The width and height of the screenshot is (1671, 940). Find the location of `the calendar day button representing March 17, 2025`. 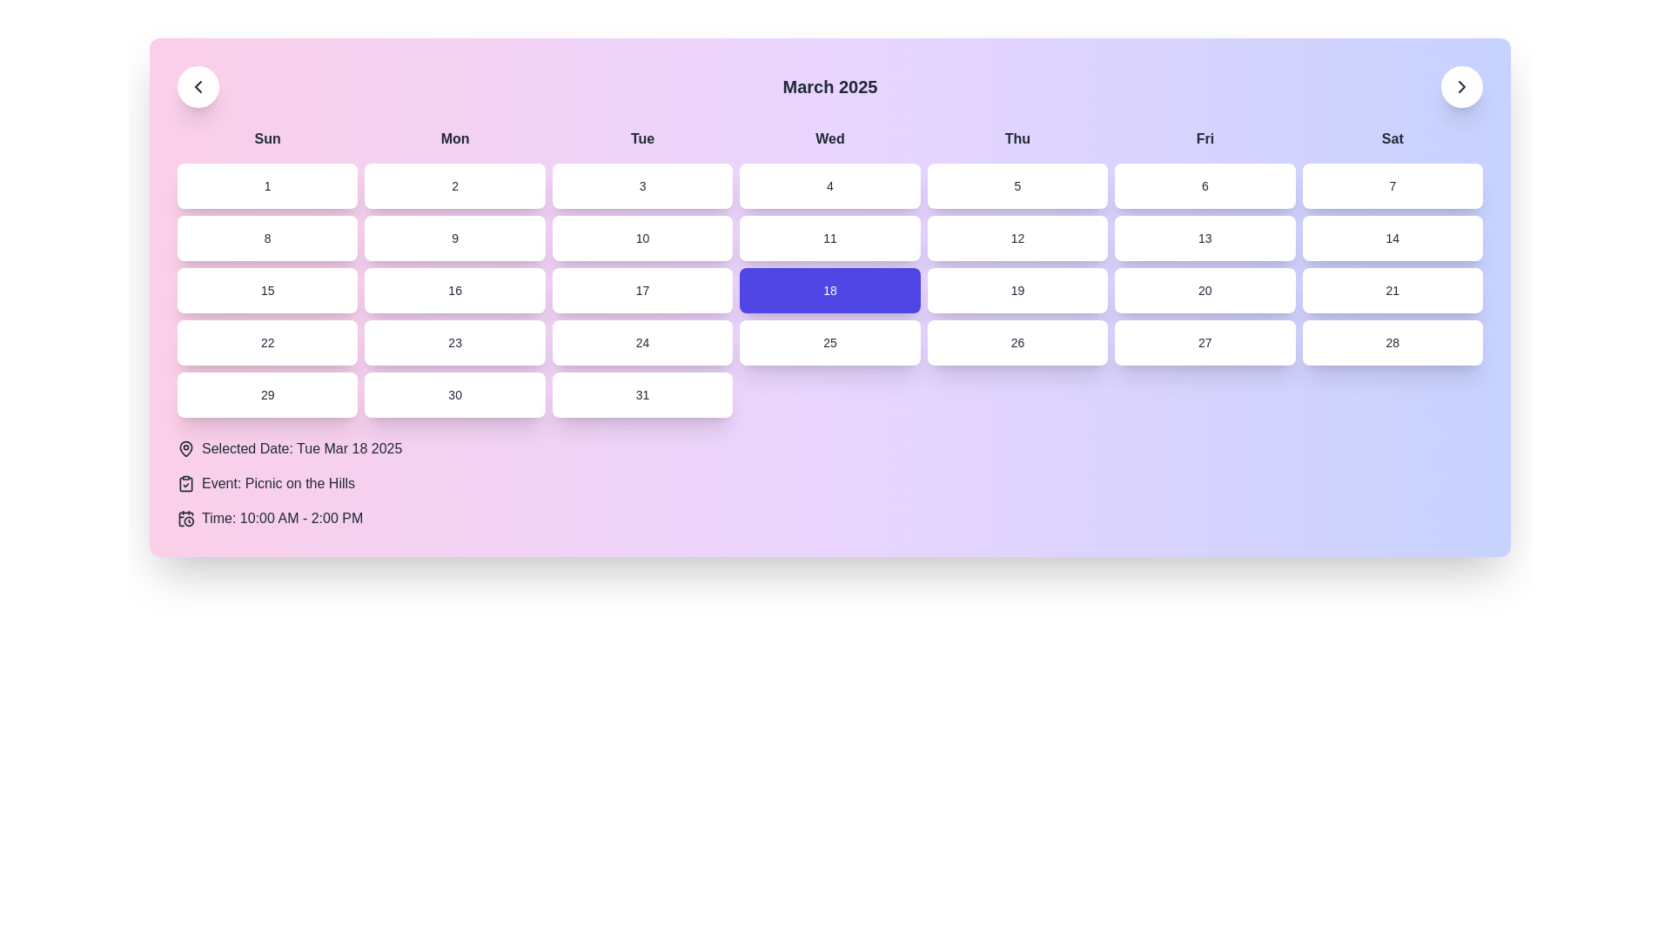

the calendar day button representing March 17, 2025 is located at coordinates (641, 290).